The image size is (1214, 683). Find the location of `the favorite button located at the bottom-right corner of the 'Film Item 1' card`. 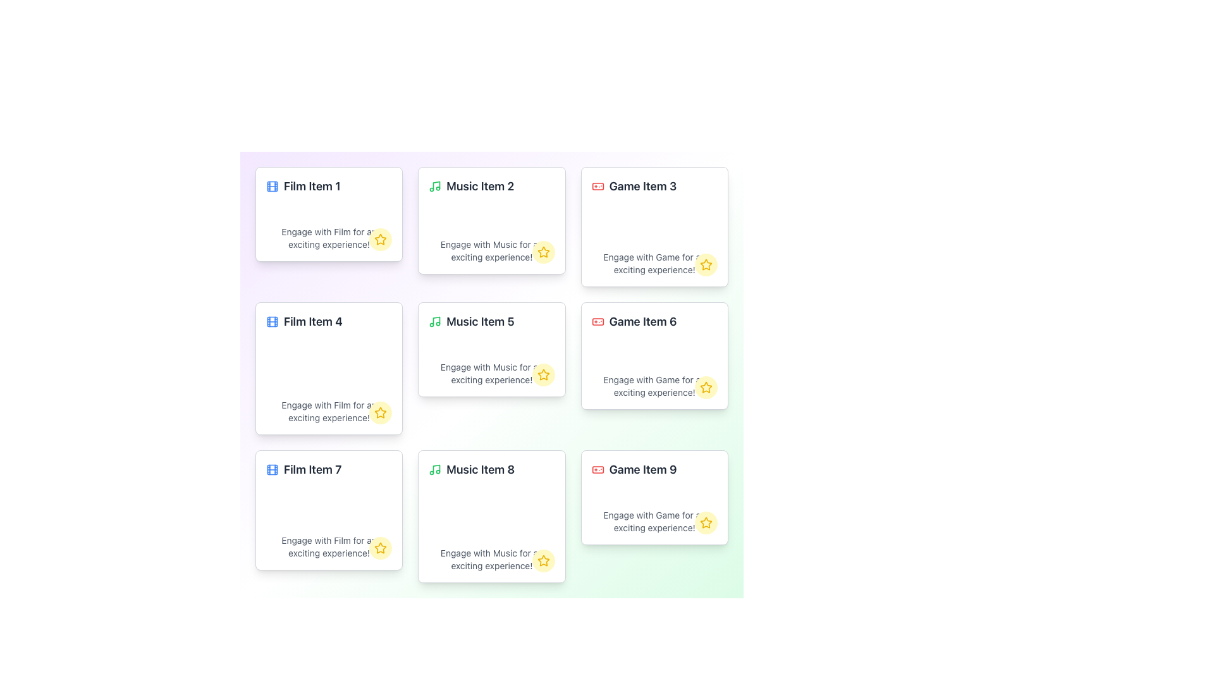

the favorite button located at the bottom-right corner of the 'Film Item 1' card is located at coordinates (379, 239).